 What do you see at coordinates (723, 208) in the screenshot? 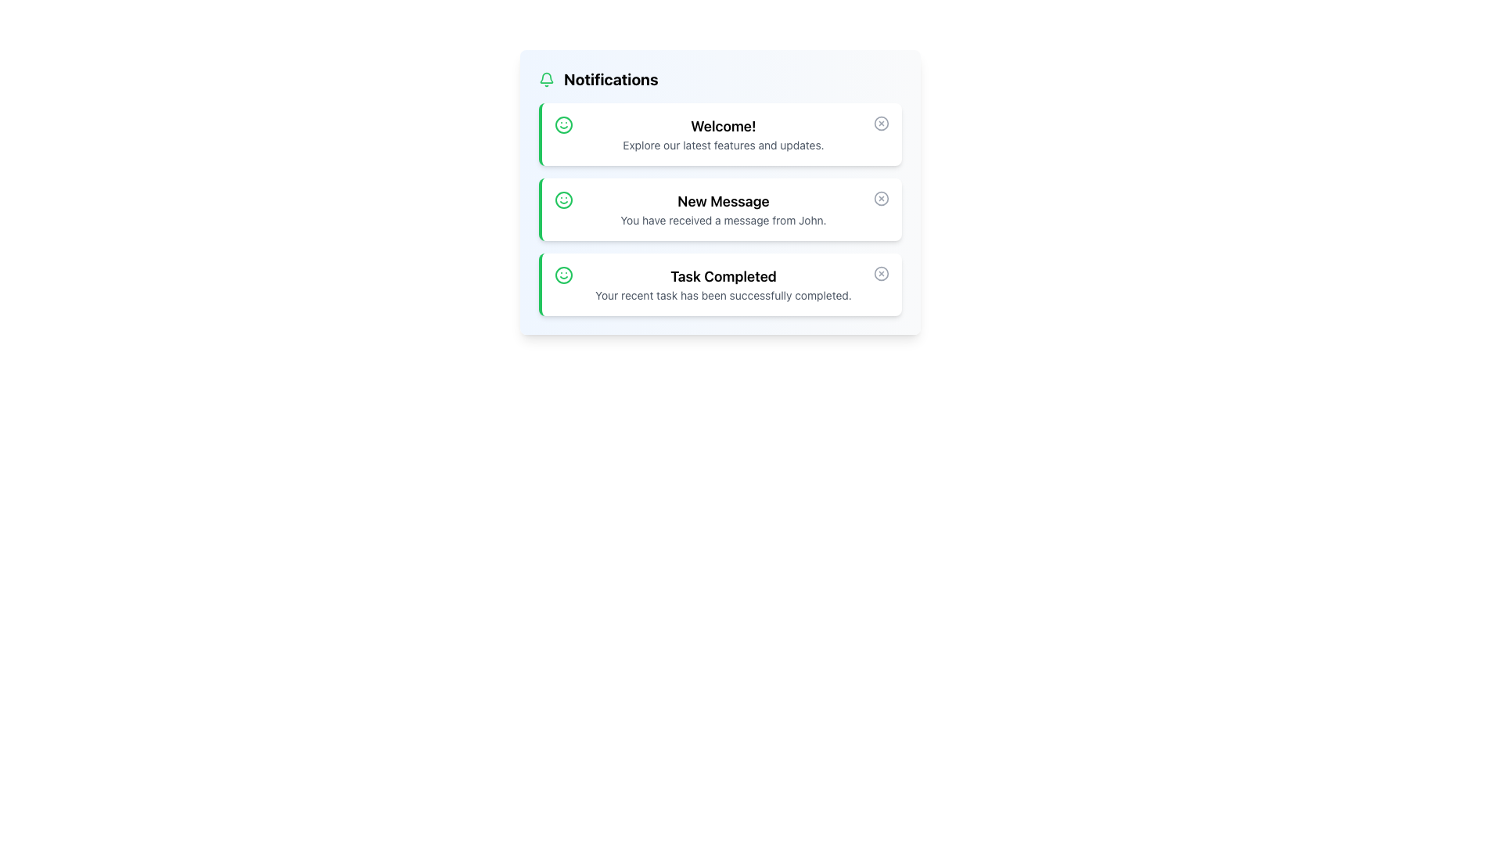
I see `the second notification item in the vertically stacked list that informs the user about a newly received message` at bounding box center [723, 208].